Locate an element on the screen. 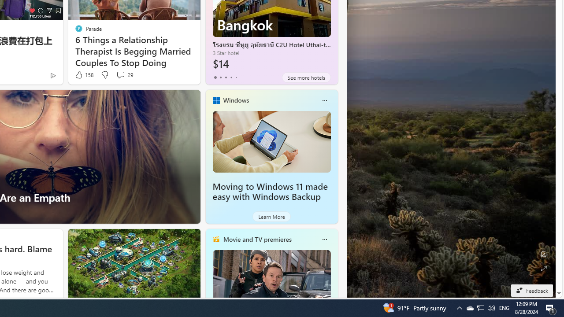 This screenshot has height=317, width=564. 'View comments 29 Comment' is located at coordinates (120, 74).